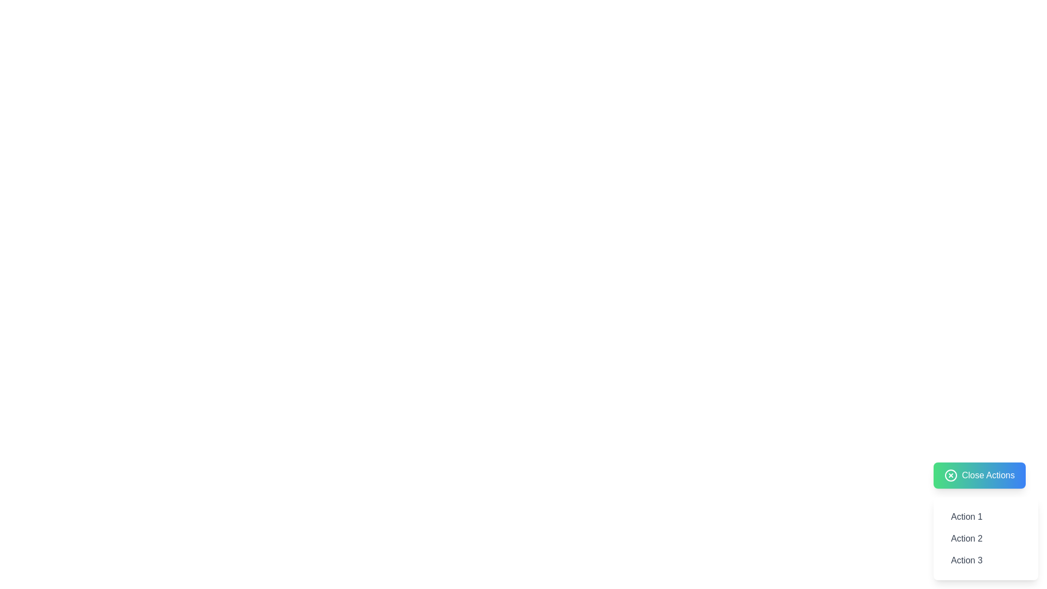 The image size is (1047, 589). What do you see at coordinates (950, 474) in the screenshot?
I see `the close icon that is the leftmost component of the 'Close Actions' button, located near the top-right corner of the interface` at bounding box center [950, 474].